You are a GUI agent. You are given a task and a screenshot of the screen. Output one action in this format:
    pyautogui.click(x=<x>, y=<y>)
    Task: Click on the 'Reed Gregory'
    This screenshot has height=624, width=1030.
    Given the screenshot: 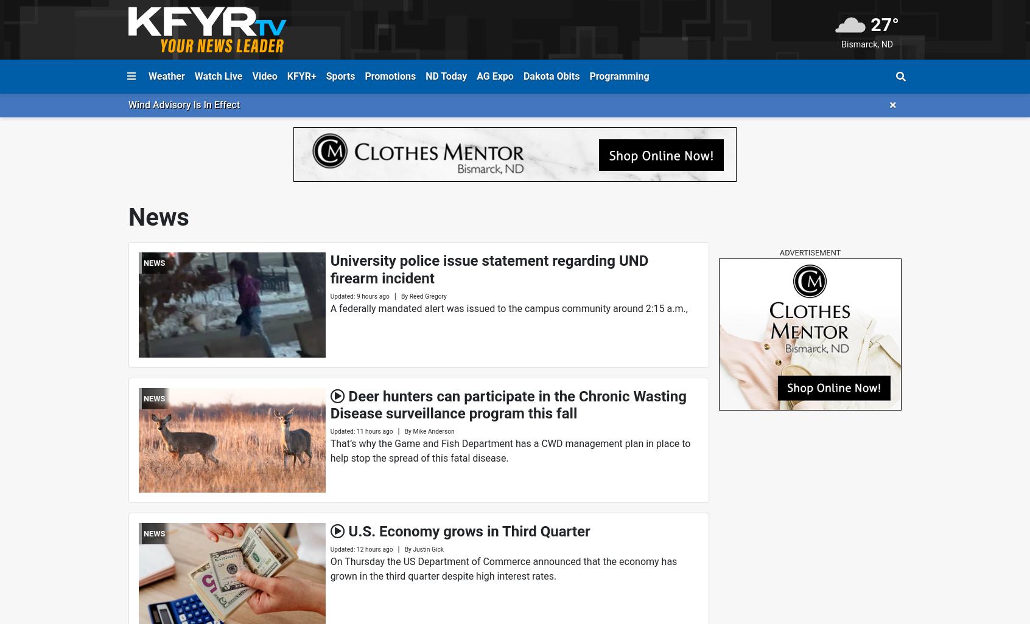 What is the action you would take?
    pyautogui.click(x=427, y=295)
    